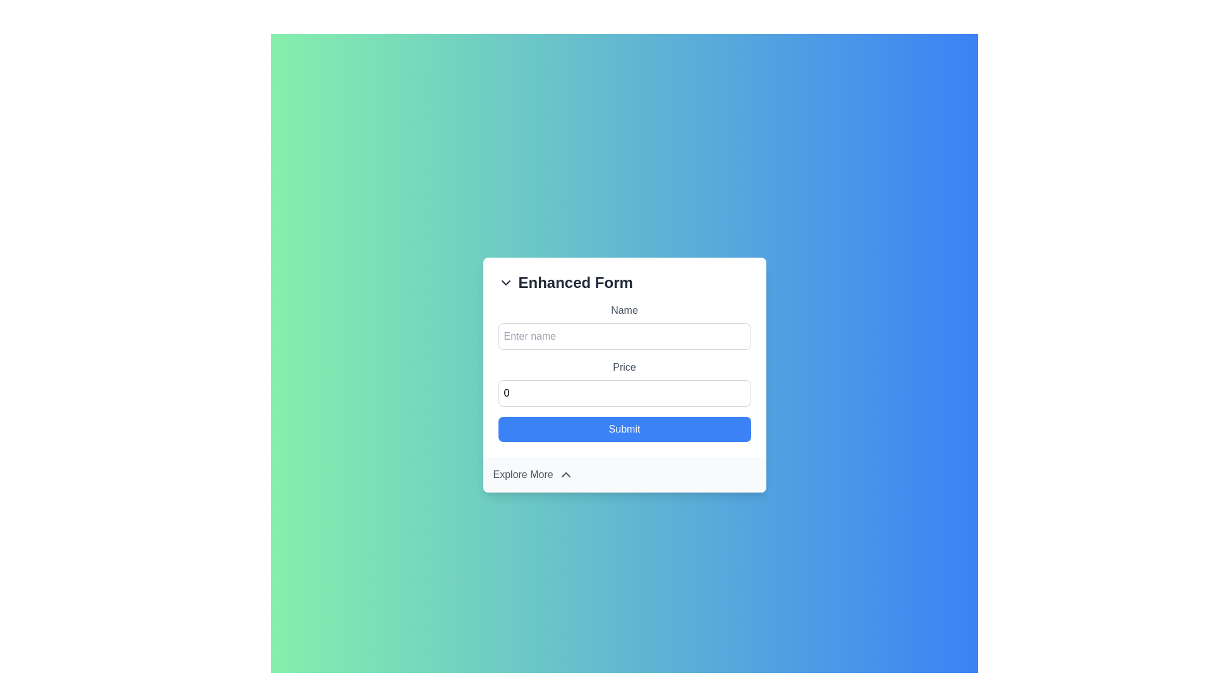  I want to click on the label text element that provides context for the 'Enter name' input field, which is located directly above it in the central form component, so click(624, 311).